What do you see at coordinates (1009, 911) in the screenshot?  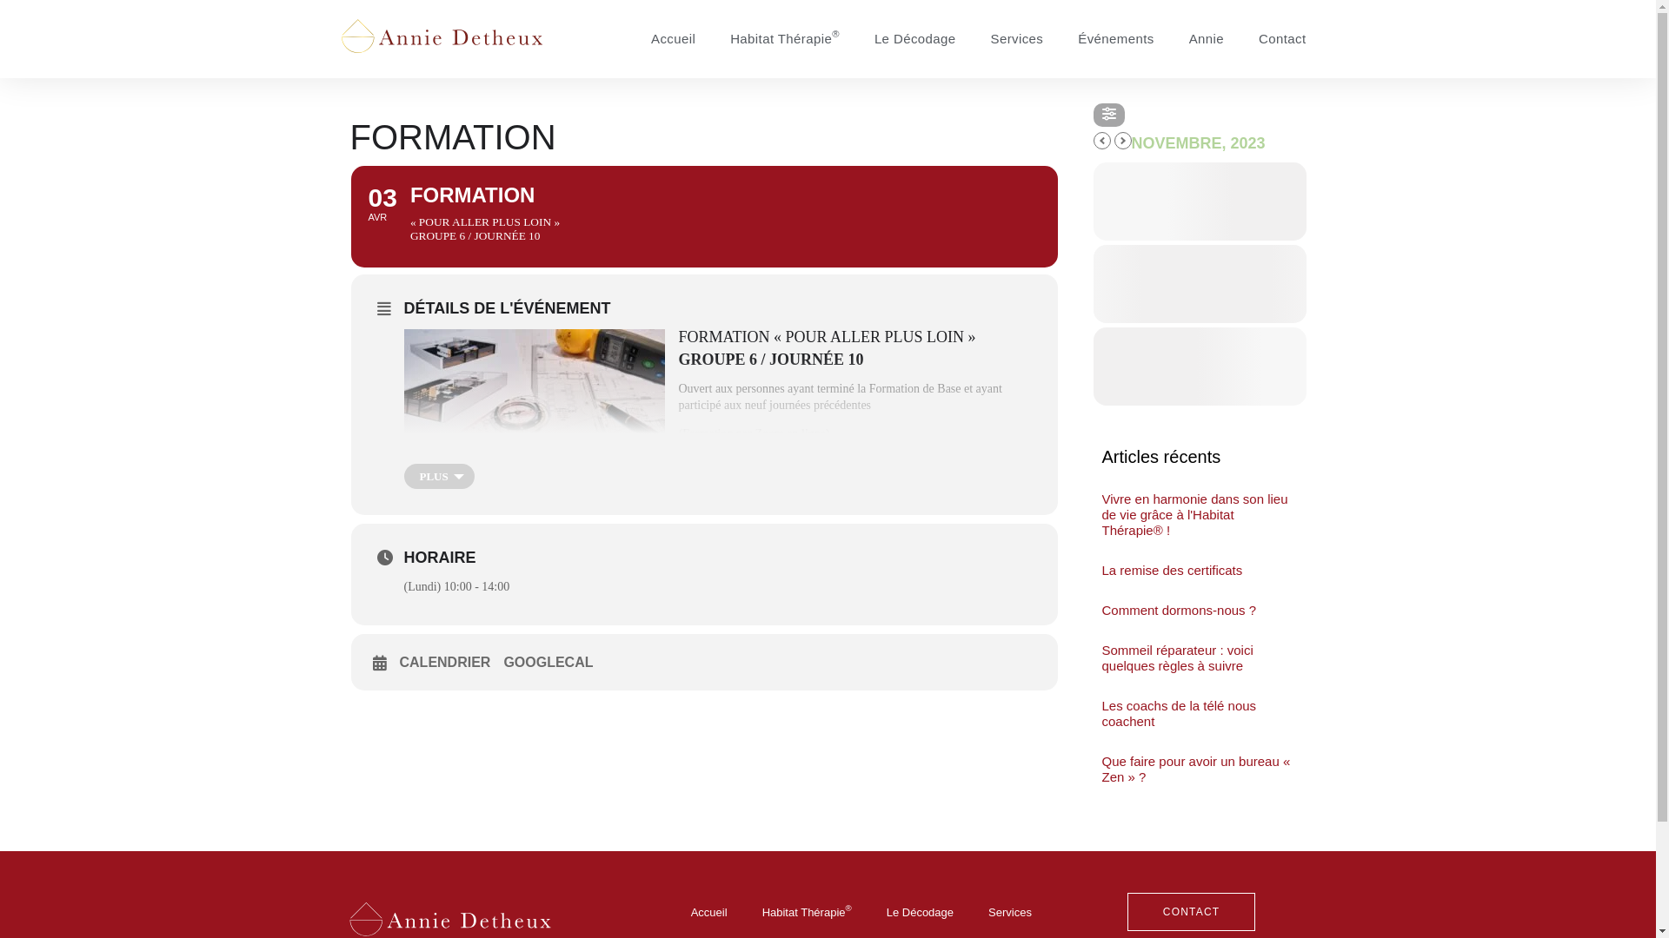 I see `'Services'` at bounding box center [1009, 911].